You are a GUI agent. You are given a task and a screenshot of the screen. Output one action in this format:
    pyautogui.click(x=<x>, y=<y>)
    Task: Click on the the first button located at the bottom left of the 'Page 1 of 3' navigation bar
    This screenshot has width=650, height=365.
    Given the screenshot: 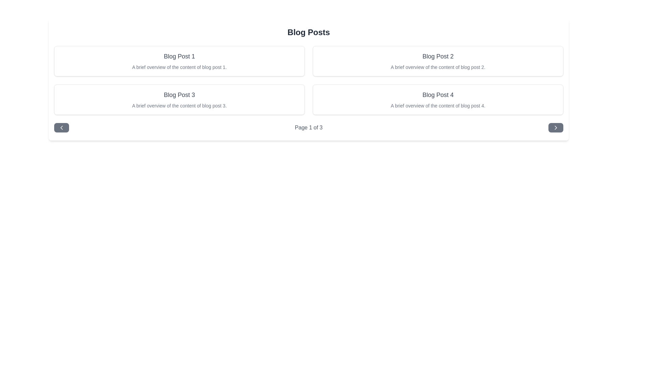 What is the action you would take?
    pyautogui.click(x=62, y=128)
    